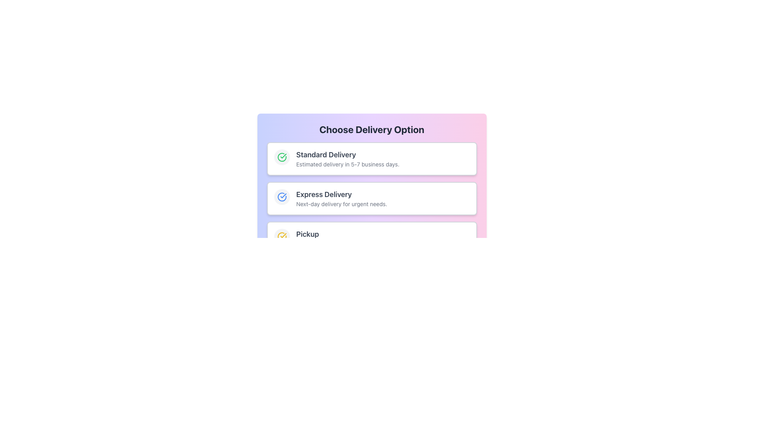 This screenshot has height=429, width=764. I want to click on the circular icon with a yellow outline and checkmark symbol indicating the selection status of the 'Standard Delivery' option, so click(282, 236).